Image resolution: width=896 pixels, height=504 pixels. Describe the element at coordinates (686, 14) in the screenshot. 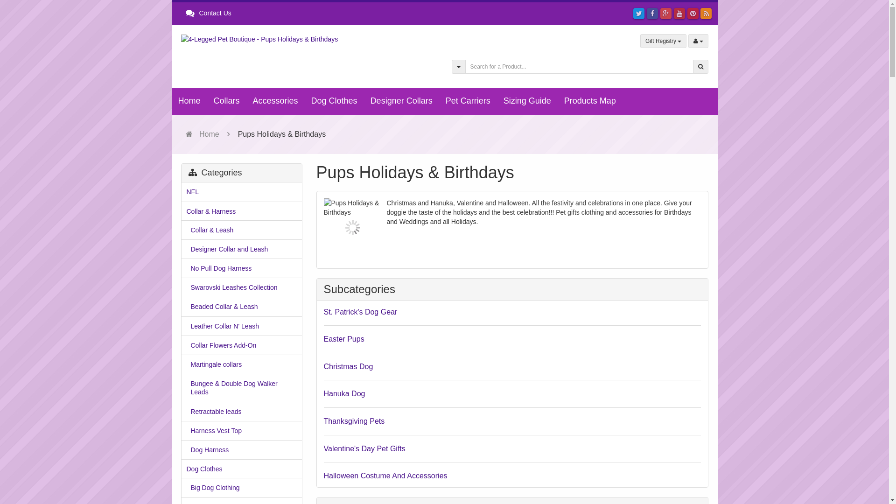

I see `'Pinterest'` at that location.